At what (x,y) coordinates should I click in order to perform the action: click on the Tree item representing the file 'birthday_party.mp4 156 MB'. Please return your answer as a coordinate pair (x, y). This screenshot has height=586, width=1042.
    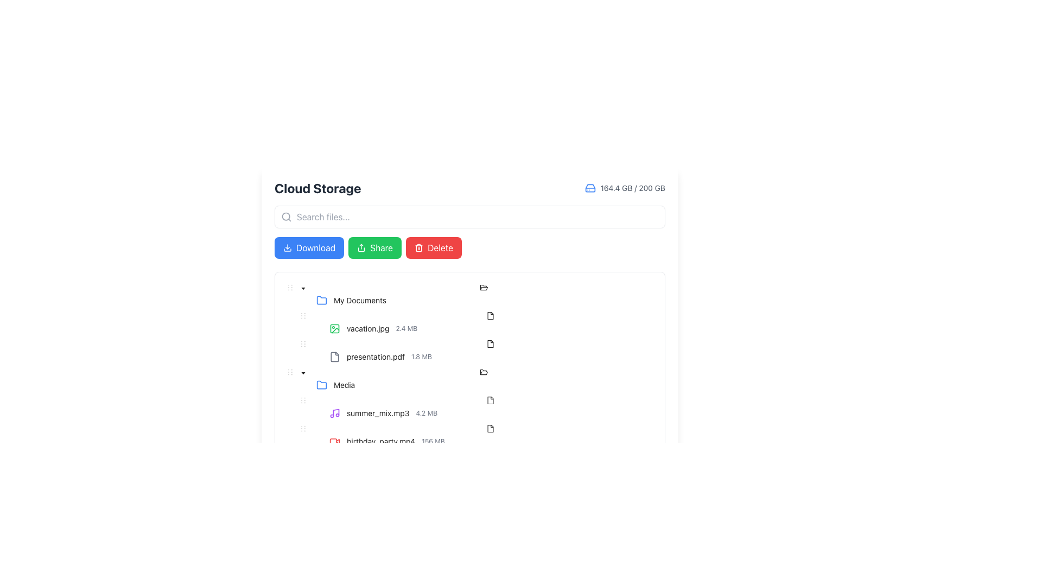
    Looking at the image, I should click on (469, 435).